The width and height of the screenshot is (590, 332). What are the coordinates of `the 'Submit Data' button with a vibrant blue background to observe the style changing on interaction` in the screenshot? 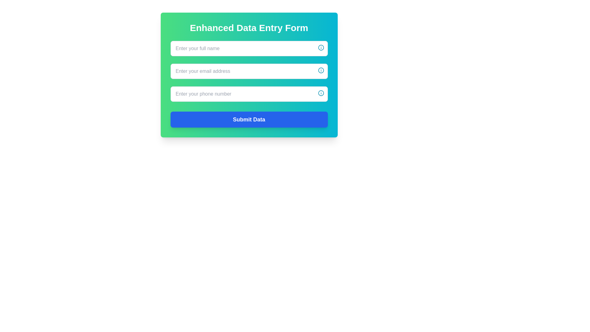 It's located at (249, 120).